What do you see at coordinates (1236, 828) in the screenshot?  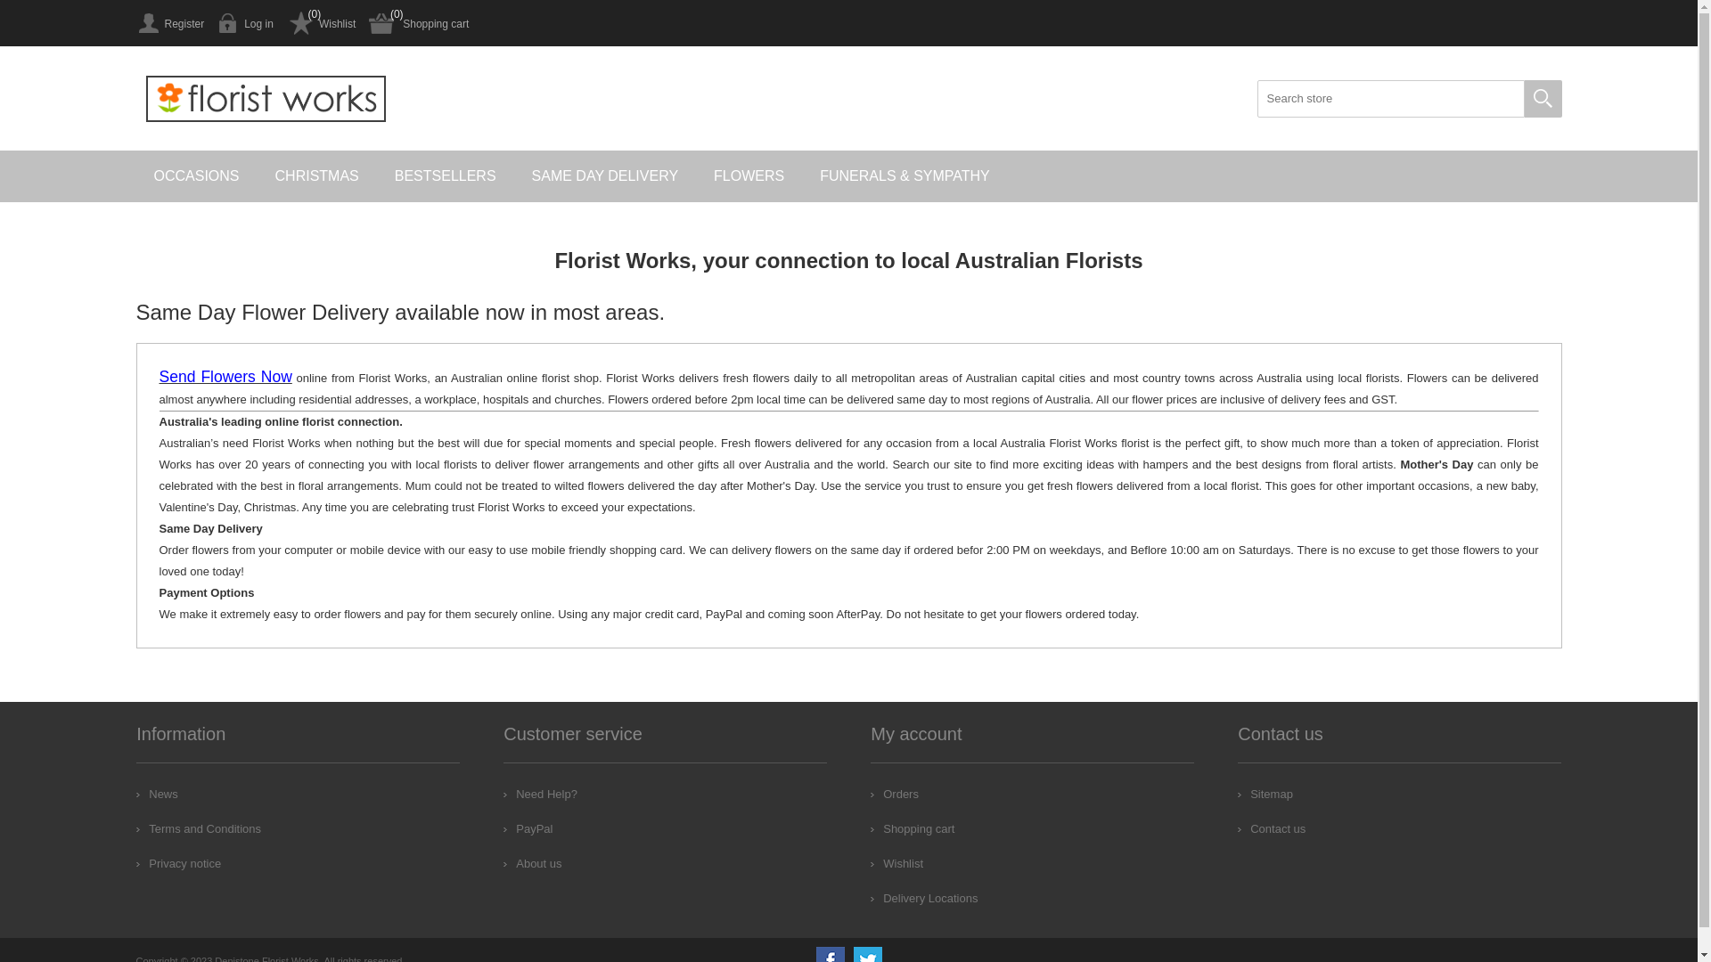 I see `'Contact us'` at bounding box center [1236, 828].